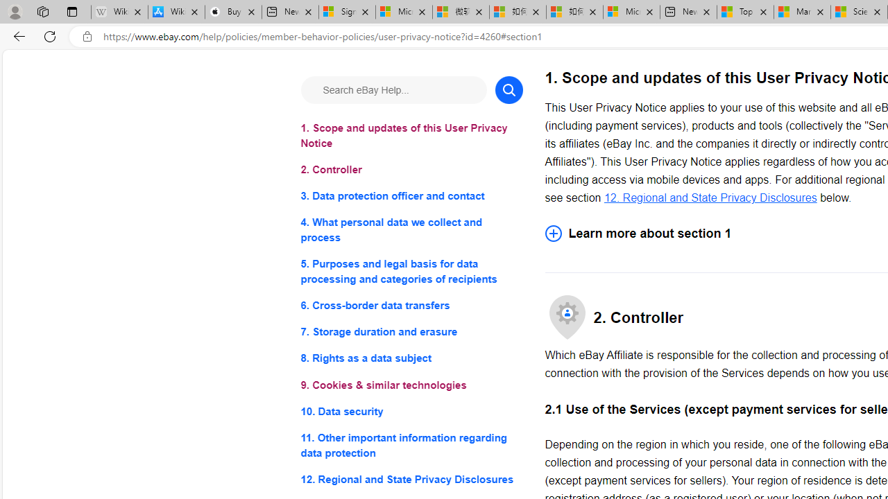  What do you see at coordinates (411, 305) in the screenshot?
I see `'6. Cross-border data transfers'` at bounding box center [411, 305].